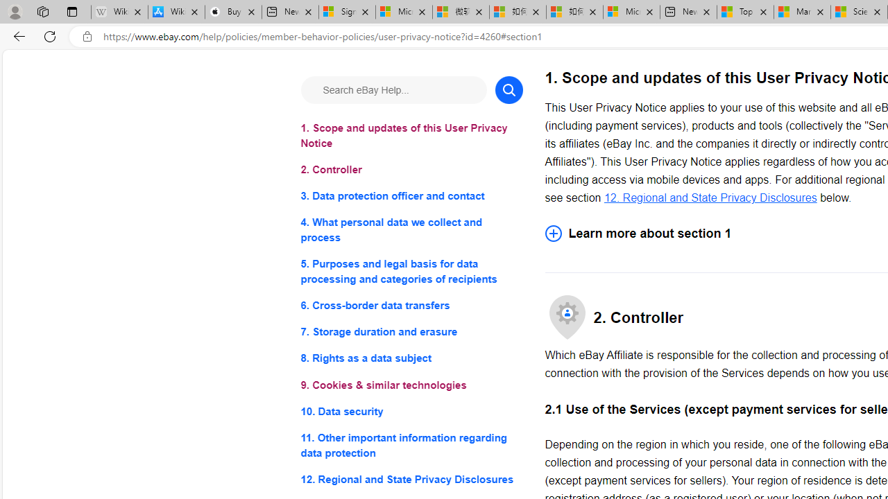  What do you see at coordinates (411, 305) in the screenshot?
I see `'6. Cross-border data transfers'` at bounding box center [411, 305].